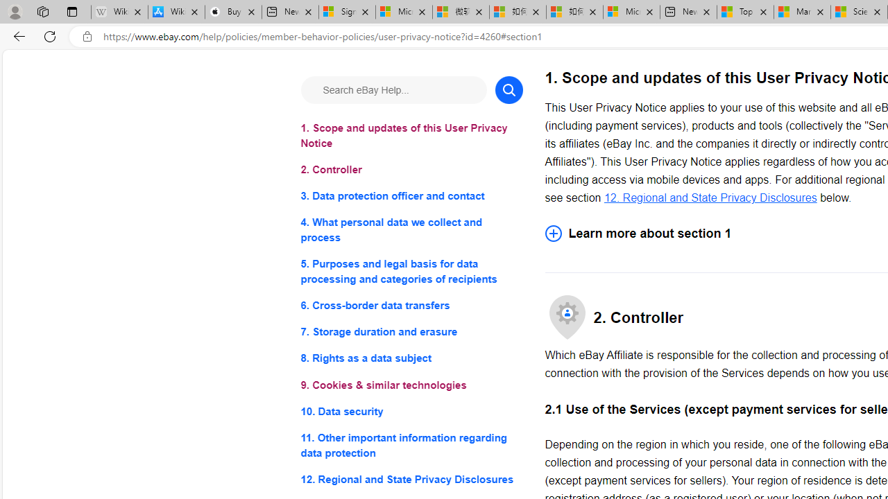  What do you see at coordinates (411, 305) in the screenshot?
I see `'6. Cross-border data transfers'` at bounding box center [411, 305].